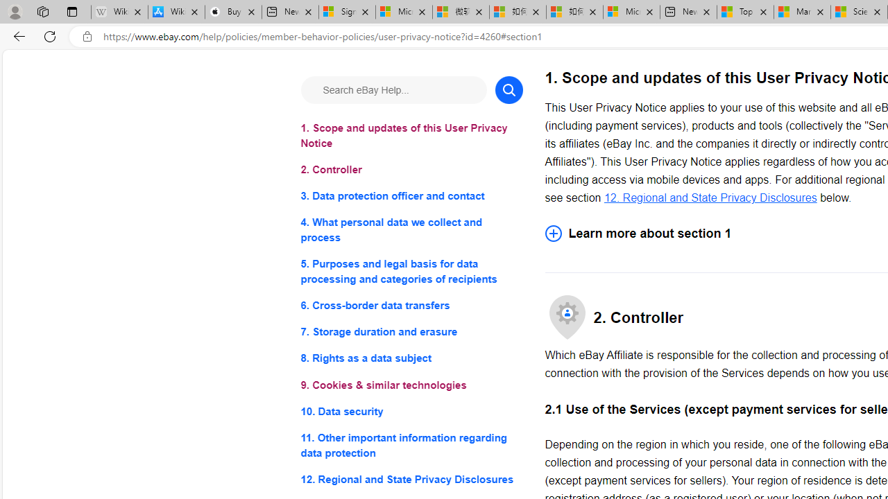  What do you see at coordinates (411, 305) in the screenshot?
I see `'6. Cross-border data transfers'` at bounding box center [411, 305].